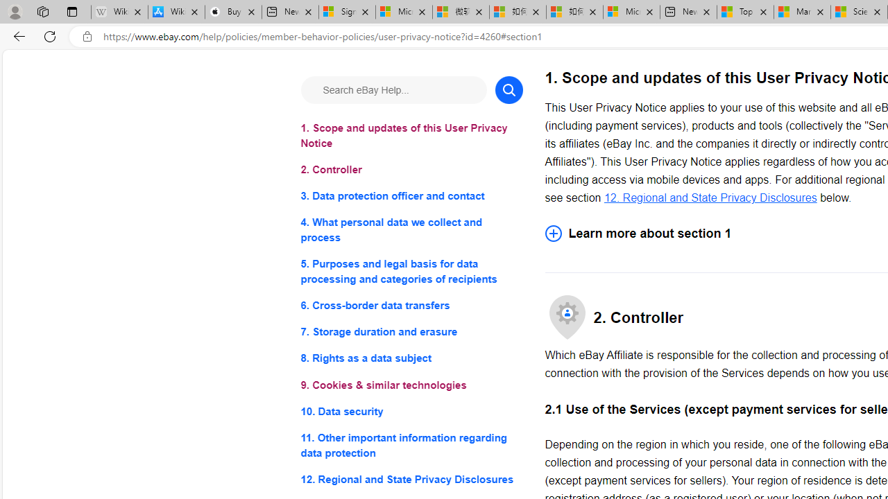  What do you see at coordinates (411, 305) in the screenshot?
I see `'6. Cross-border data transfers'` at bounding box center [411, 305].